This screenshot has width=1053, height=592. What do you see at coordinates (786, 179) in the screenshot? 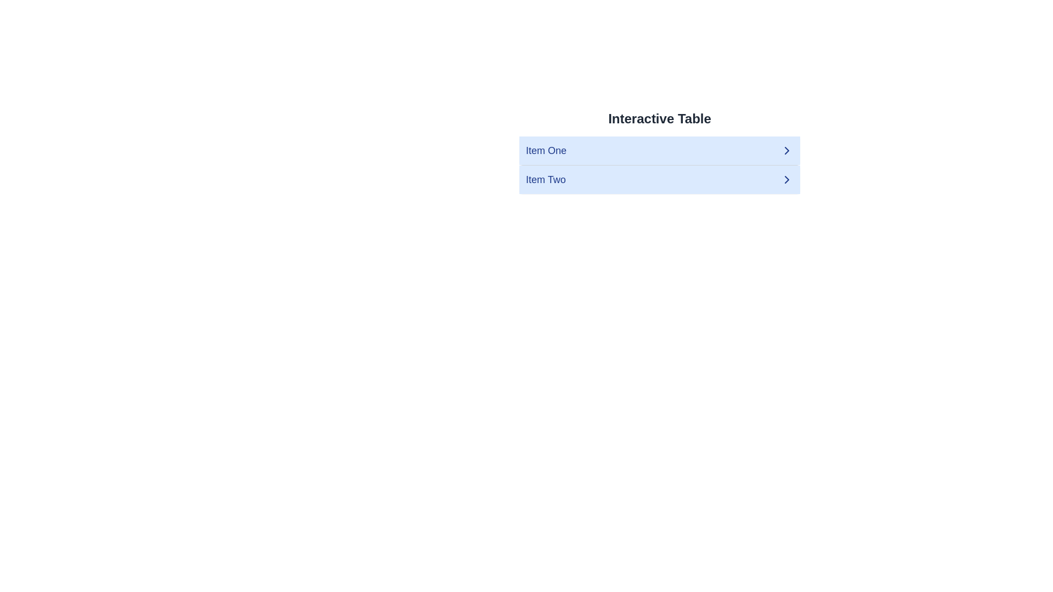
I see `the right-pointing chevron icon in the 'Item Two' row` at bounding box center [786, 179].